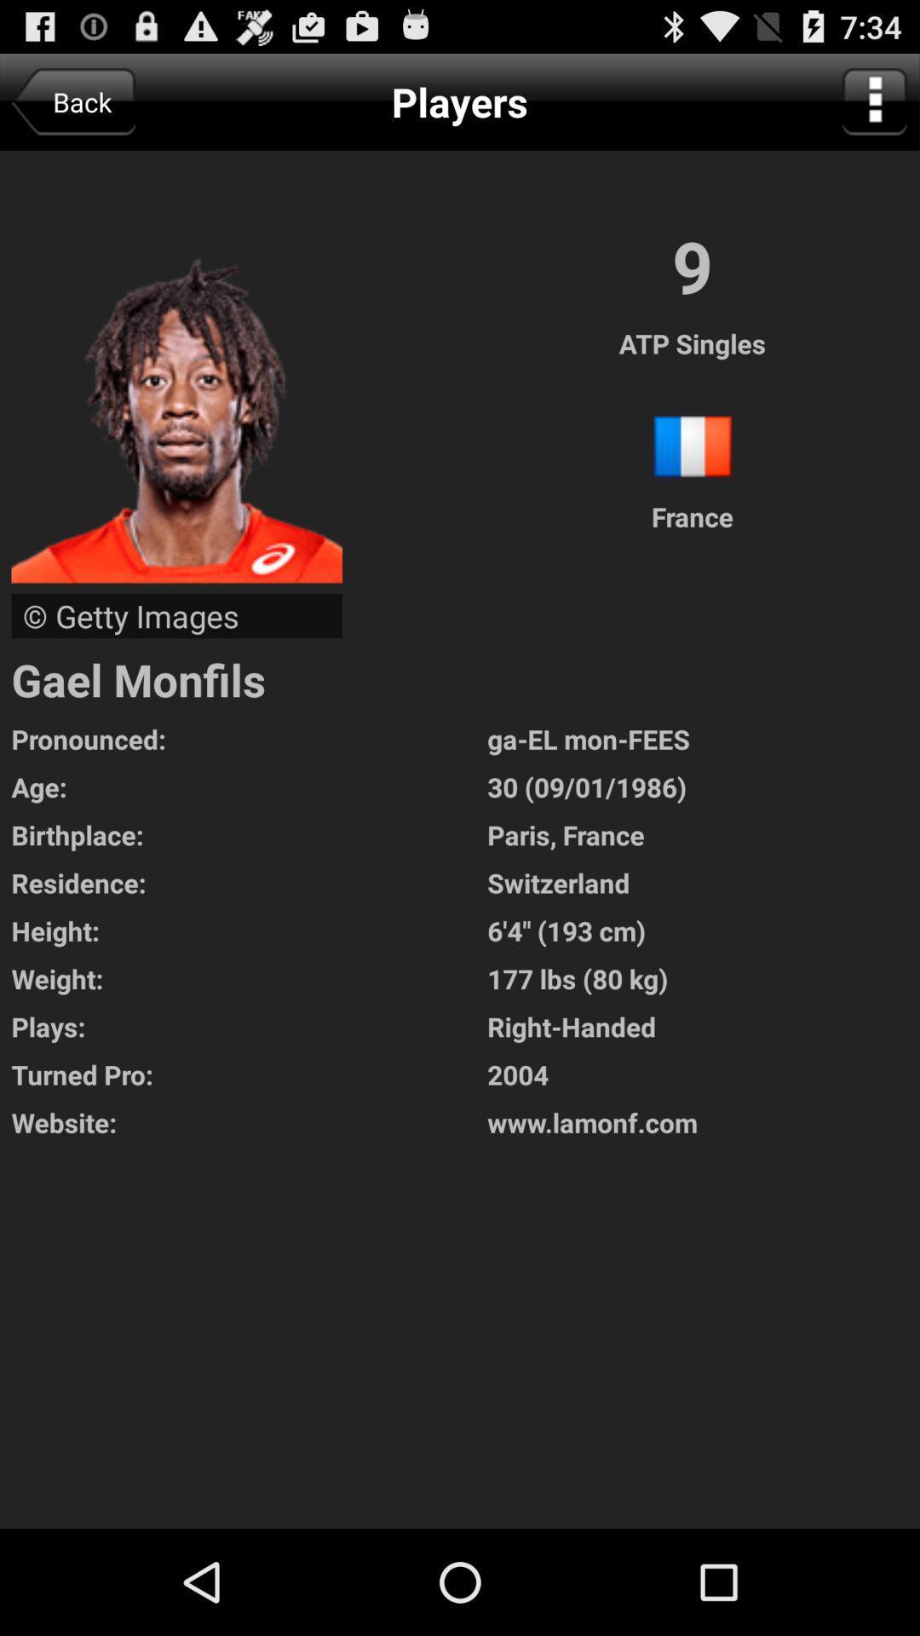  Describe the element at coordinates (704, 930) in the screenshot. I see `the app above weight: item` at that location.